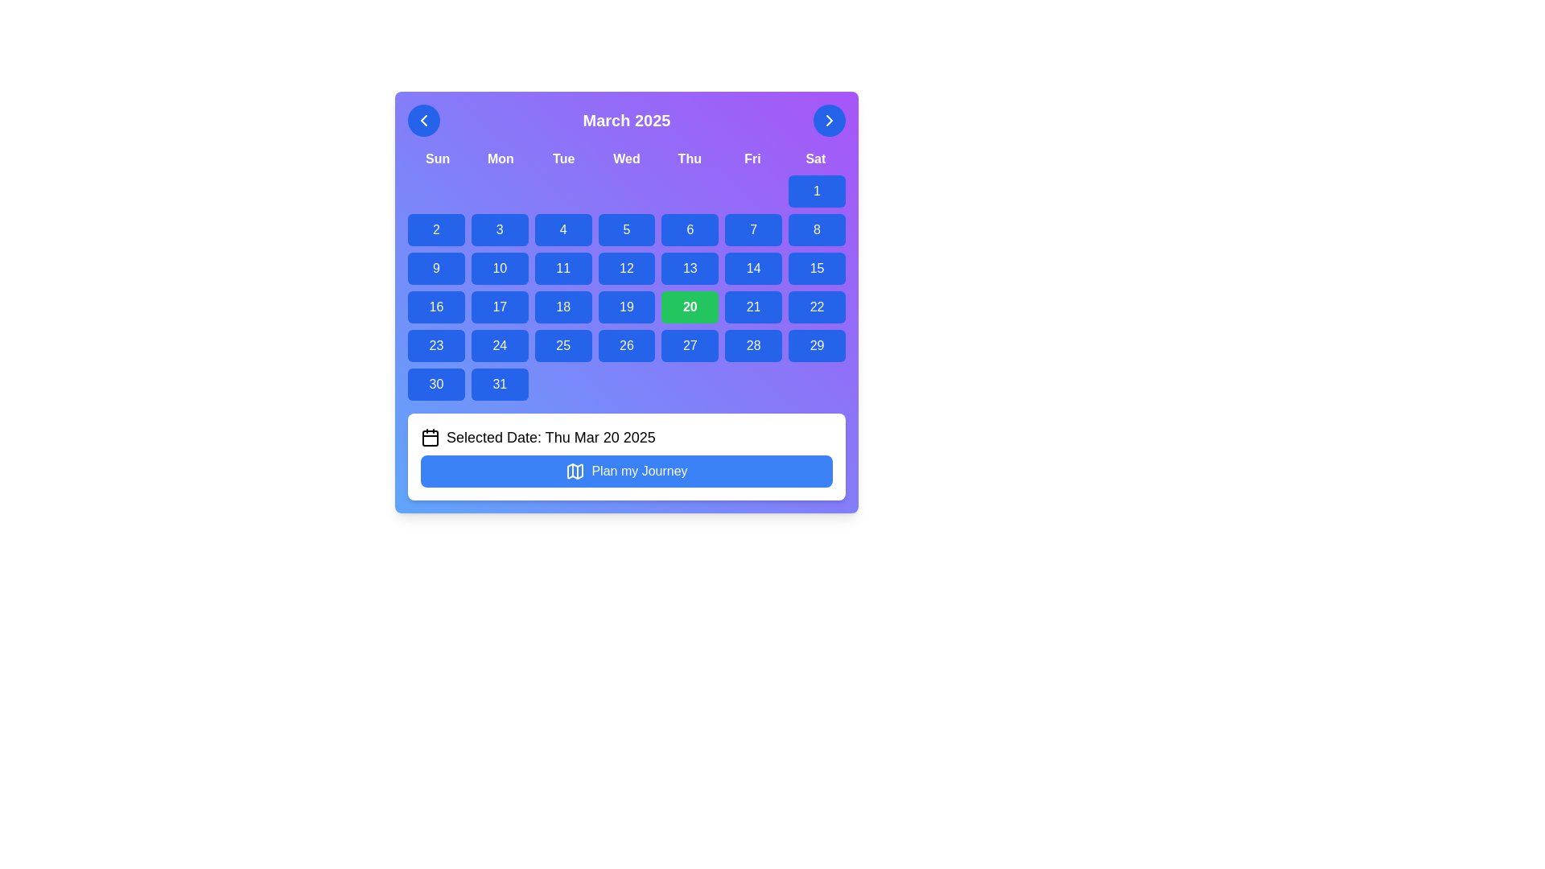  What do you see at coordinates (752, 307) in the screenshot?
I see `the selectable day button representing the date '21' in the calendar interface` at bounding box center [752, 307].